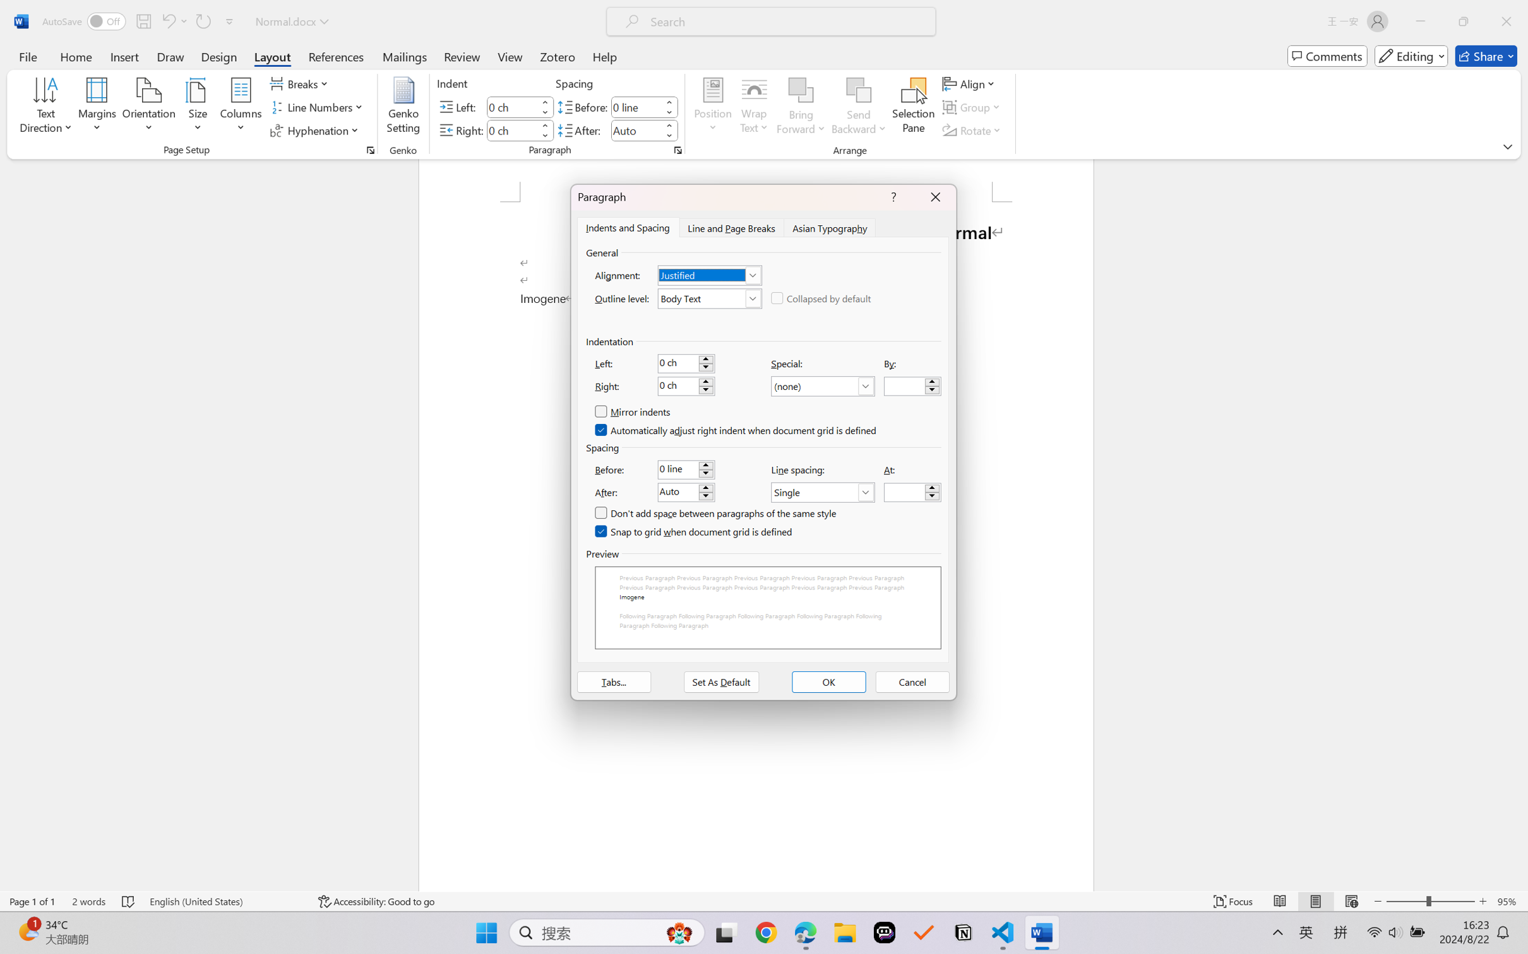  What do you see at coordinates (1520, 524) in the screenshot?
I see `'Class: NetUIScrollBar'` at bounding box center [1520, 524].